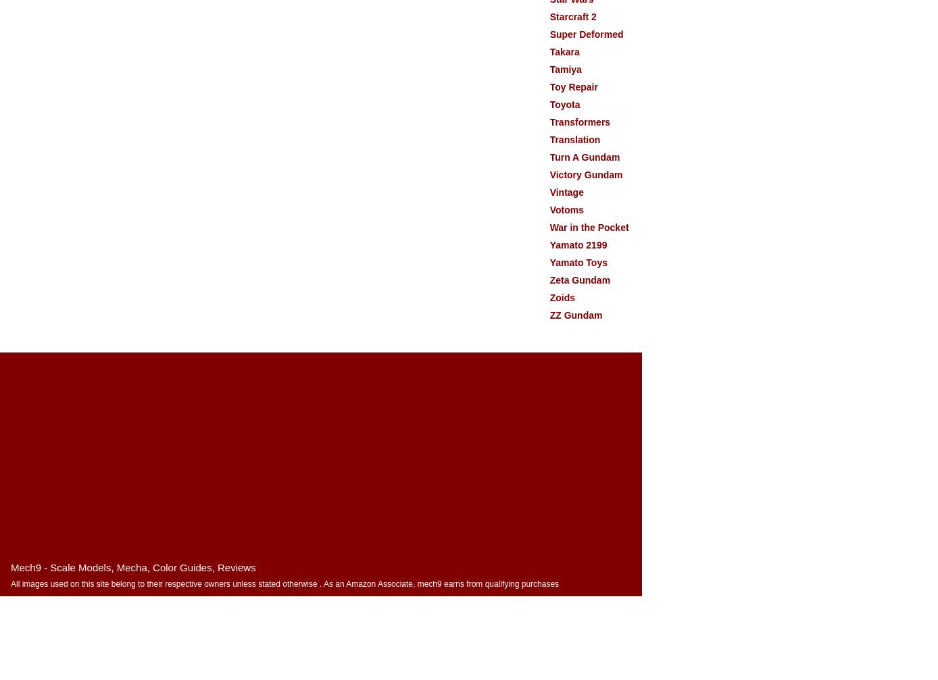  I want to click on 'Vintage', so click(566, 192).